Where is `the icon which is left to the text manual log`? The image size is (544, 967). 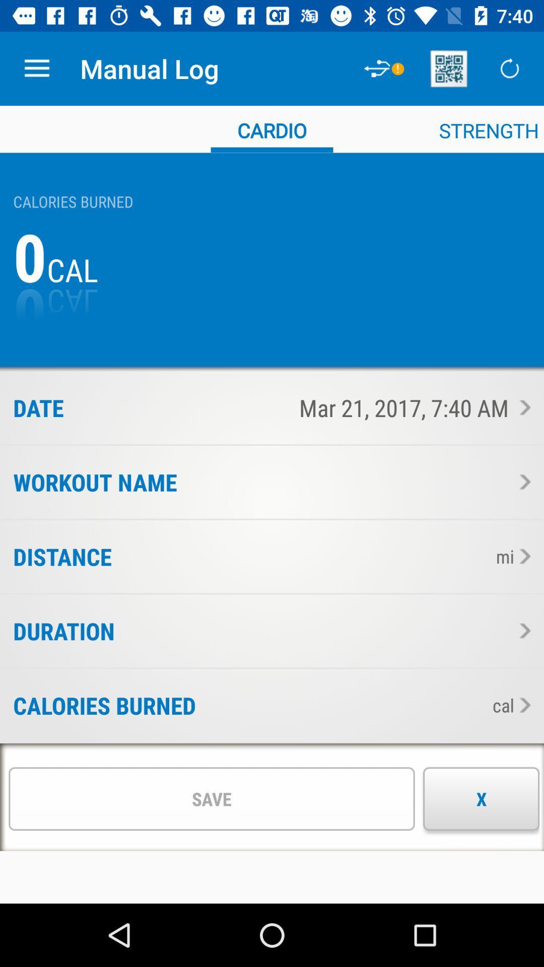 the icon which is left to the text manual log is located at coordinates (385, 68).